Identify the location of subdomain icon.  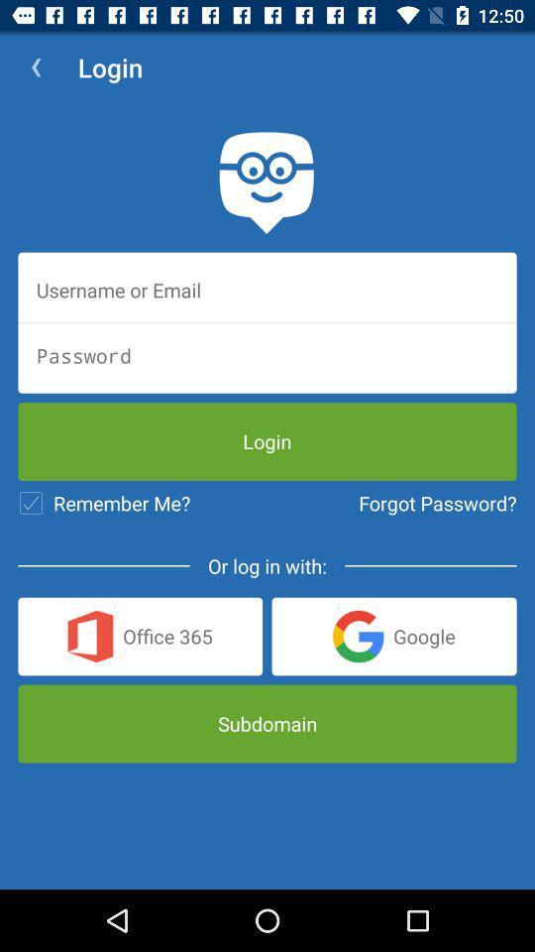
(267, 723).